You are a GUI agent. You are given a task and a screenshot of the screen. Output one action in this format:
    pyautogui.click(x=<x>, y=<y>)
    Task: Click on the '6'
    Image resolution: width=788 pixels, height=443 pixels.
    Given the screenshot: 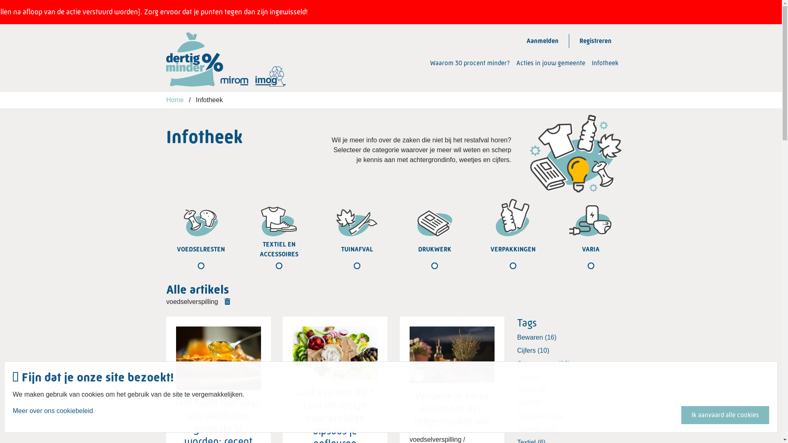 What is the action you would take?
    pyautogui.click(x=553, y=258)
    